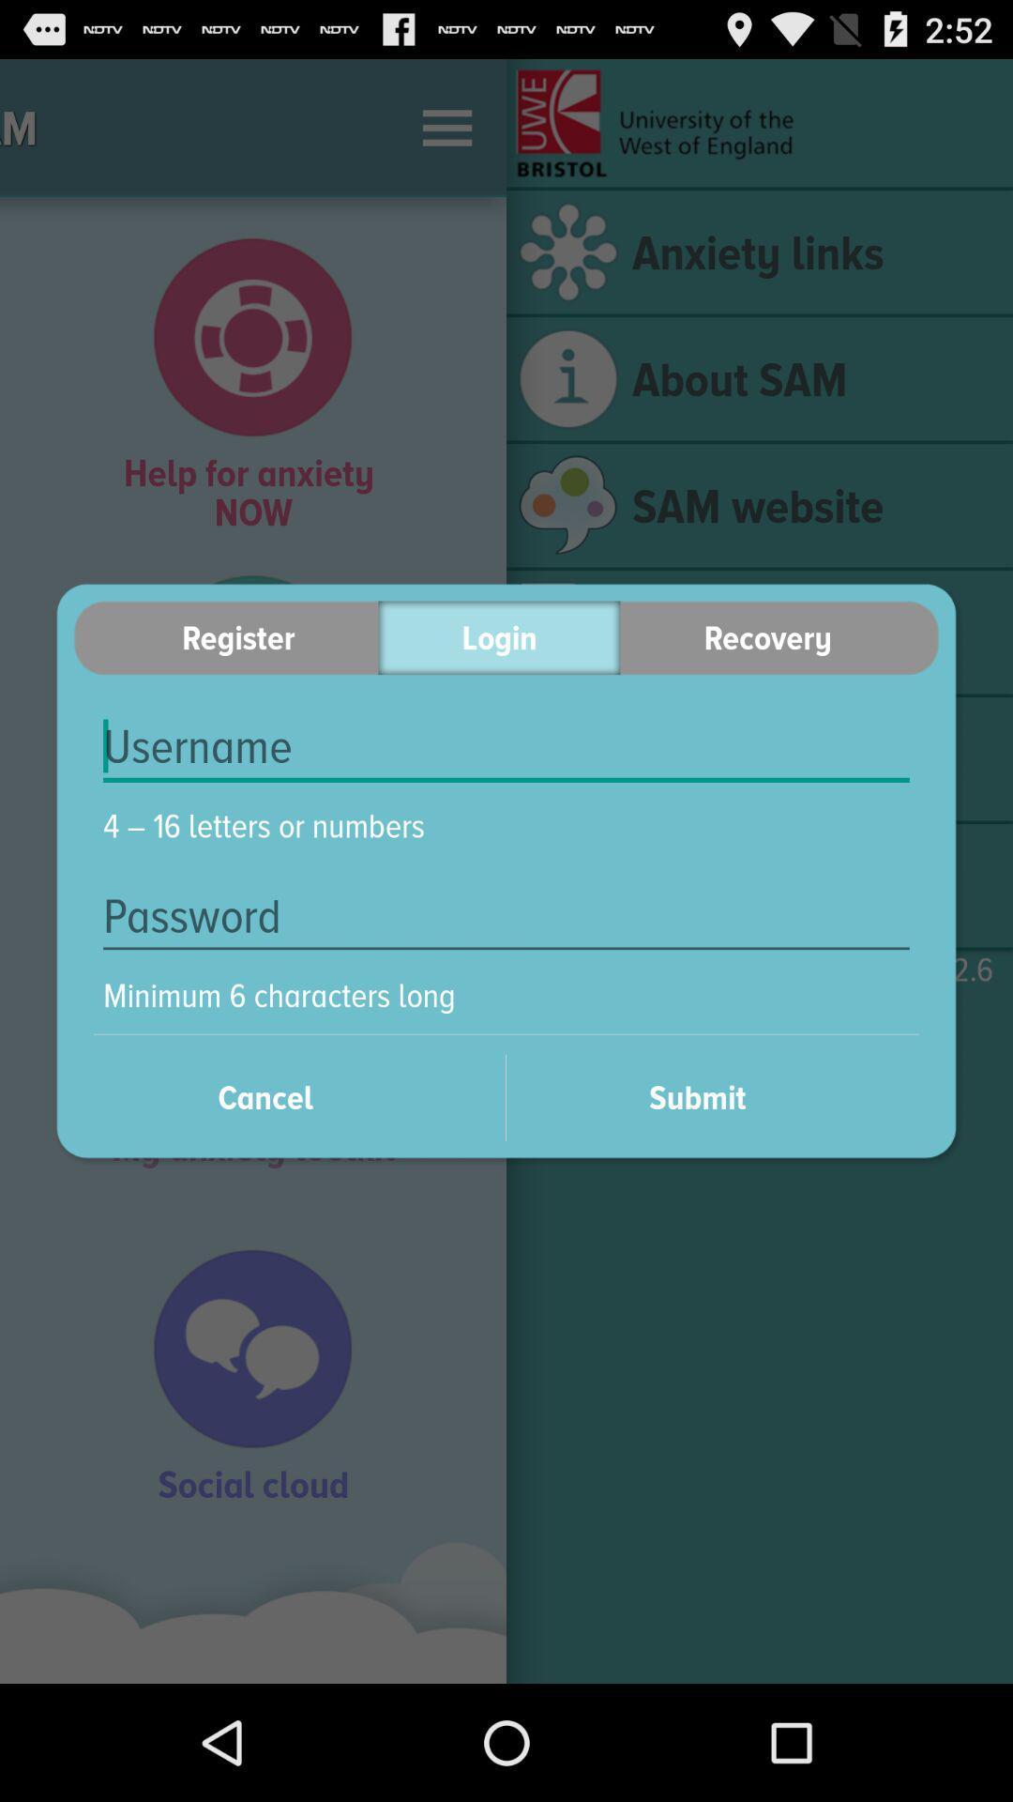  I want to click on the item above the minimum 6 characters, so click(506, 916).